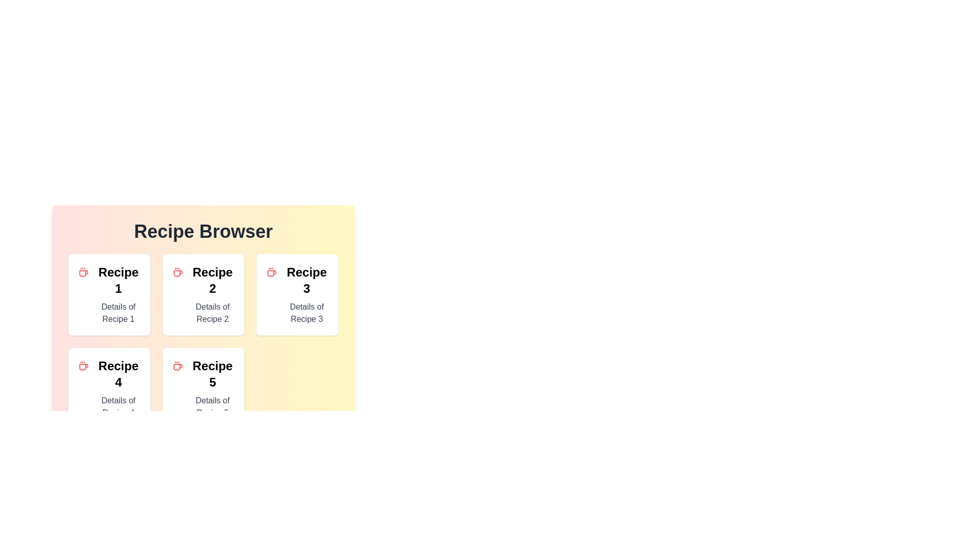 The height and width of the screenshot is (550, 979). What do you see at coordinates (84, 365) in the screenshot?
I see `the 'Recipe' theme icon located at the top-left corner of the card labeled 'Recipe 4' in the grid layout` at bounding box center [84, 365].